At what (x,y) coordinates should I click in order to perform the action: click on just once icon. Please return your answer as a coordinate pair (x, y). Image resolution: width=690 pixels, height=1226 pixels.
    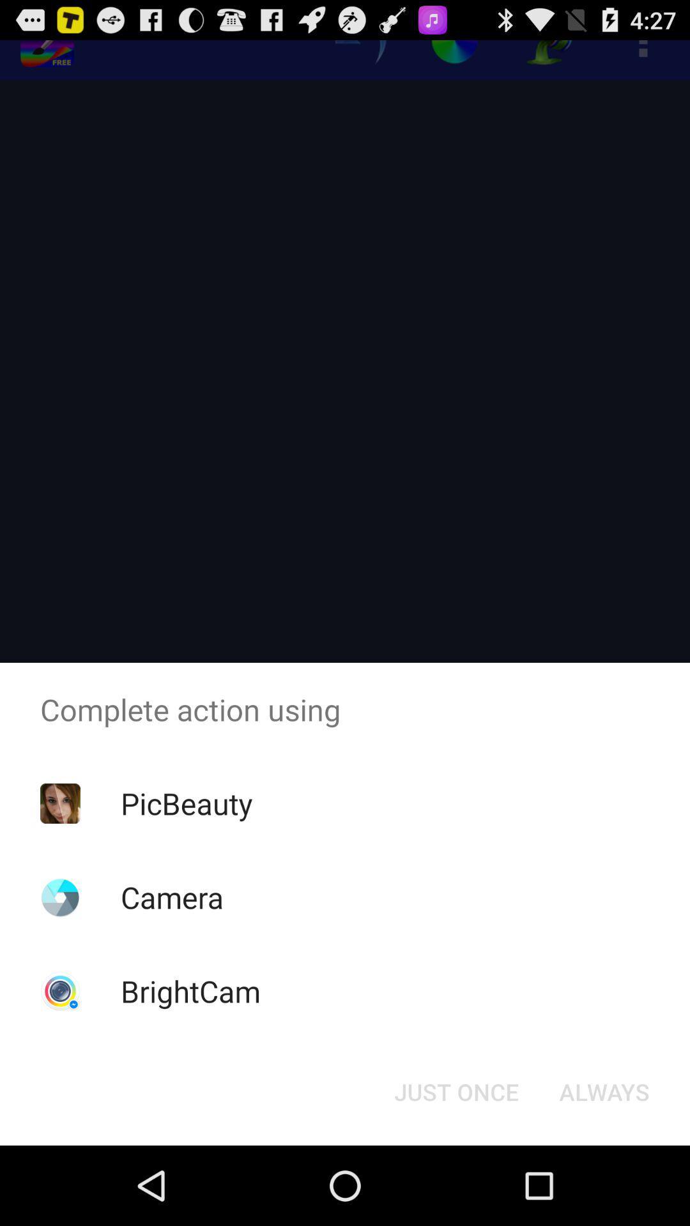
    Looking at the image, I should click on (456, 1091).